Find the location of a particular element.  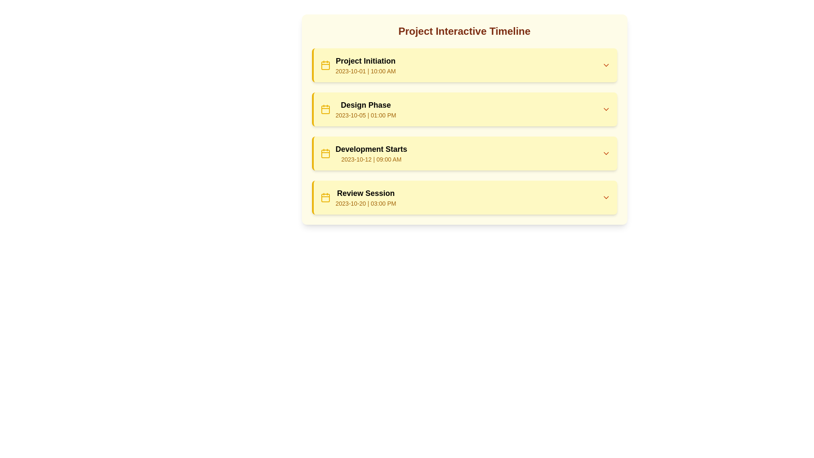

text from the second Text Label in the yellow card layout under the header 'Project Interactive Timeline', which indicates the title of a specific phase in the project timeline is located at coordinates (366, 104).